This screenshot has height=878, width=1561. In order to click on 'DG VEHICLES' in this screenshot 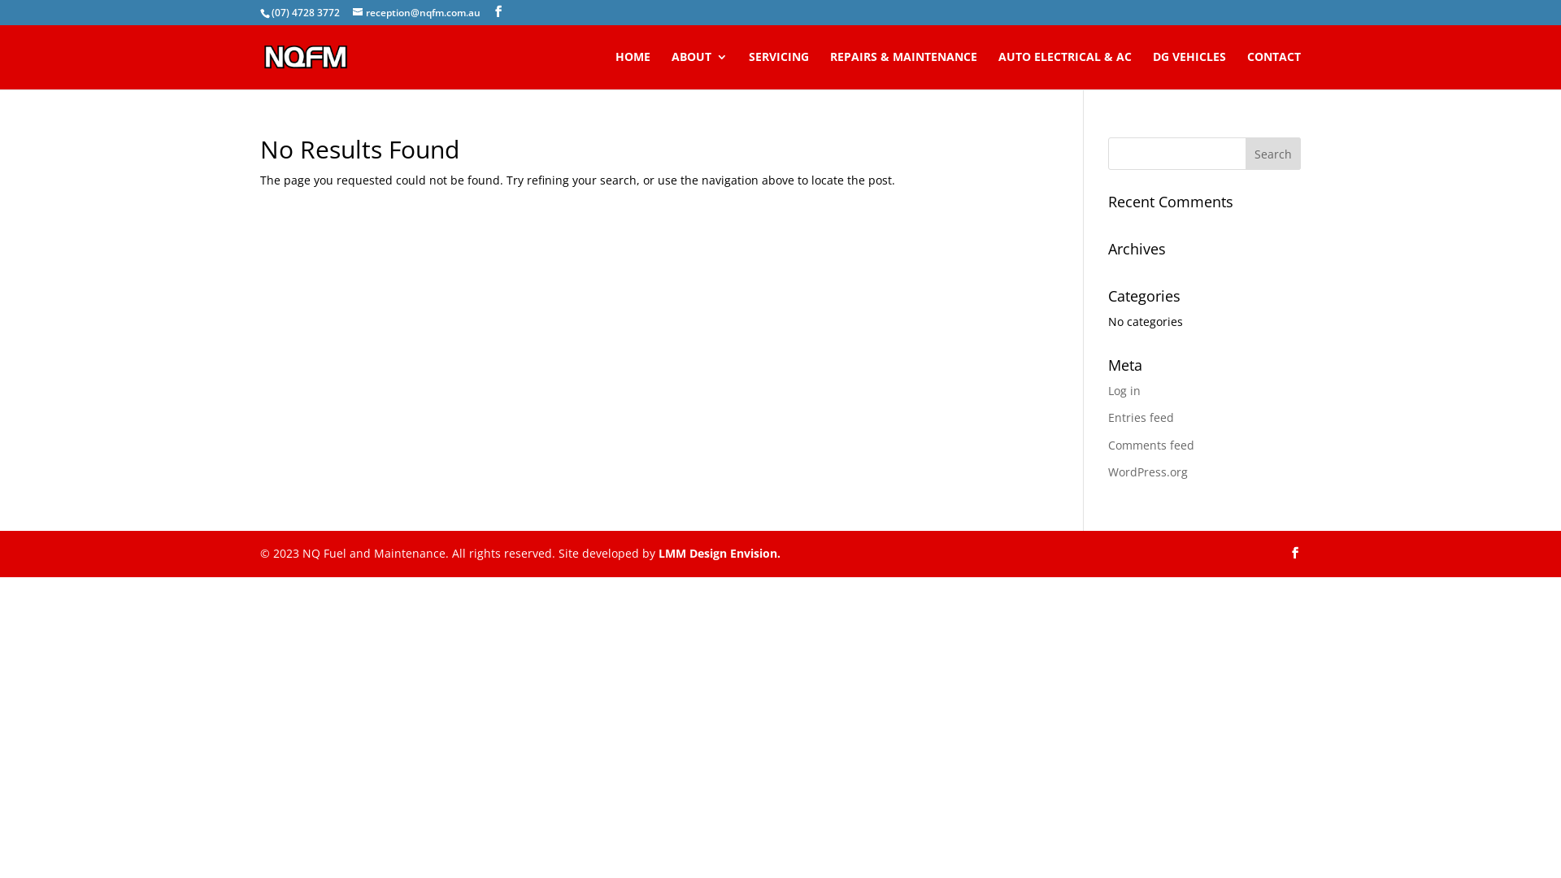, I will do `click(1151, 69)`.